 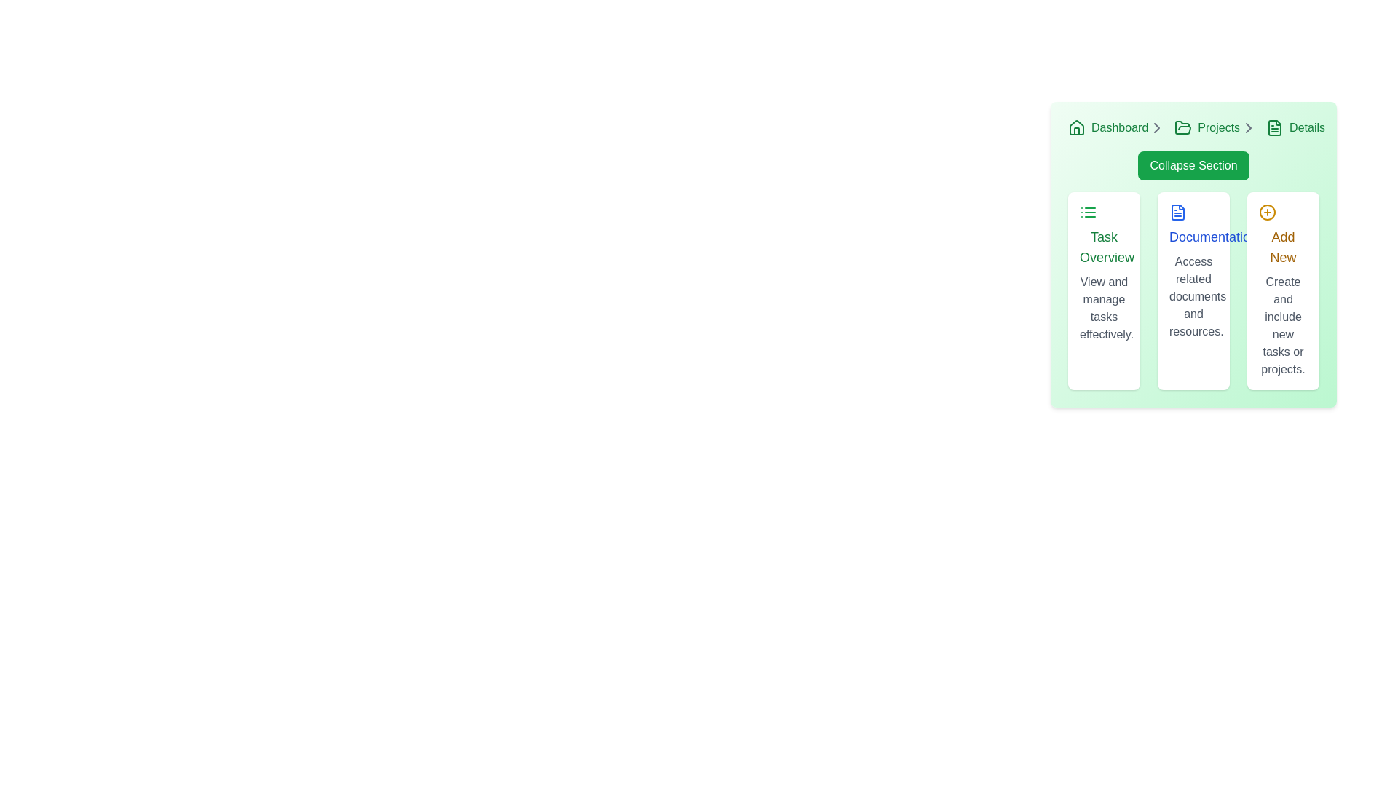 I want to click on the document icon in the breadcrumb navigation bar, so click(x=1274, y=127).